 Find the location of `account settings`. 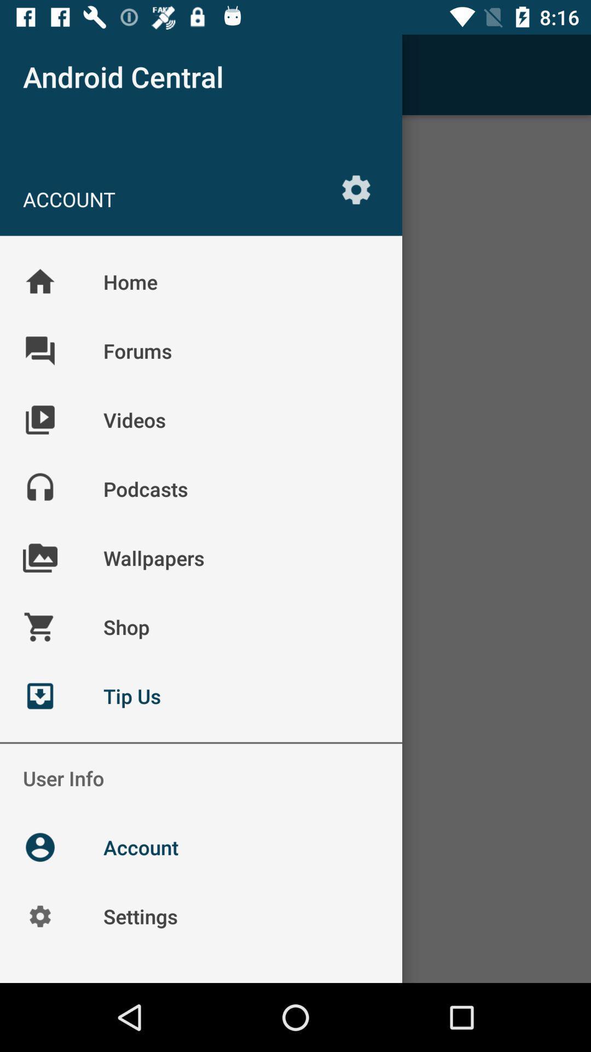

account settings is located at coordinates (356, 190).